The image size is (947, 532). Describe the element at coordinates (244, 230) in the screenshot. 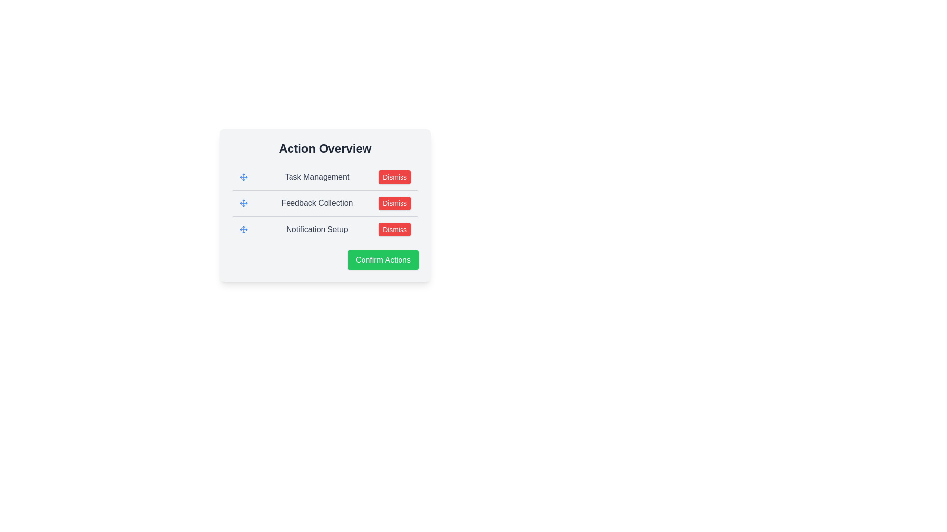

I see `the blue four-arrow movement icon located to the left of the 'Notification Setup' text to trigger further UI effects` at that location.